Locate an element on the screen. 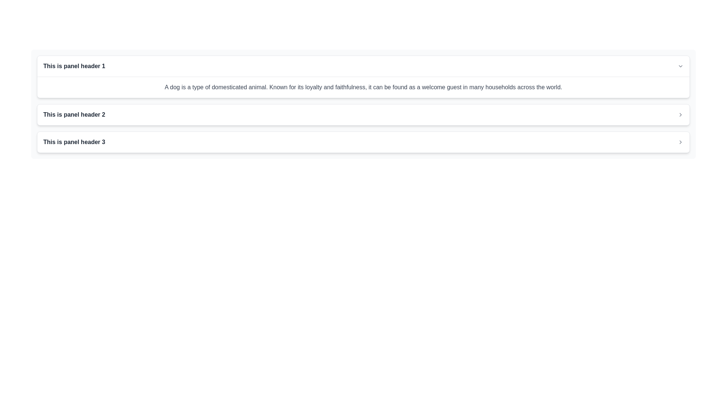 The width and height of the screenshot is (711, 400). the collapsible toggle icon located at the far-right end of the first panel's header next to 'This is panel header 1' is located at coordinates (681, 66).